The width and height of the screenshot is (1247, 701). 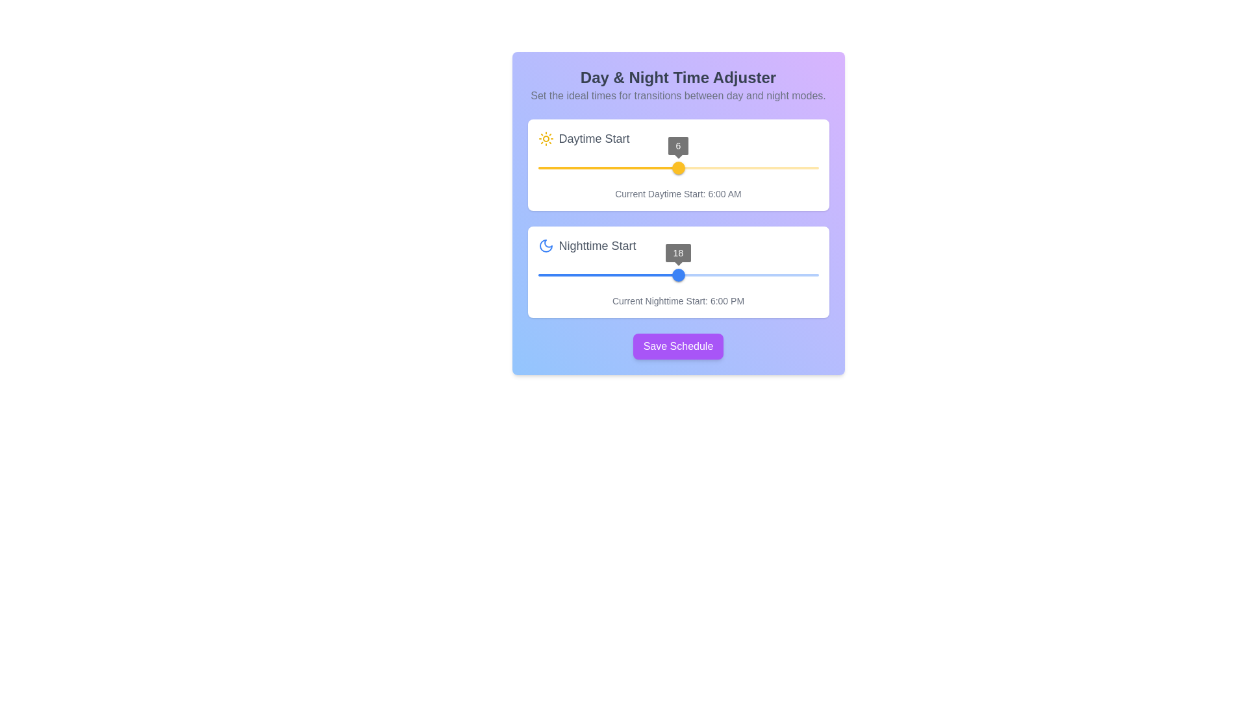 What do you see at coordinates (596, 275) in the screenshot?
I see `the nighttime slider` at bounding box center [596, 275].